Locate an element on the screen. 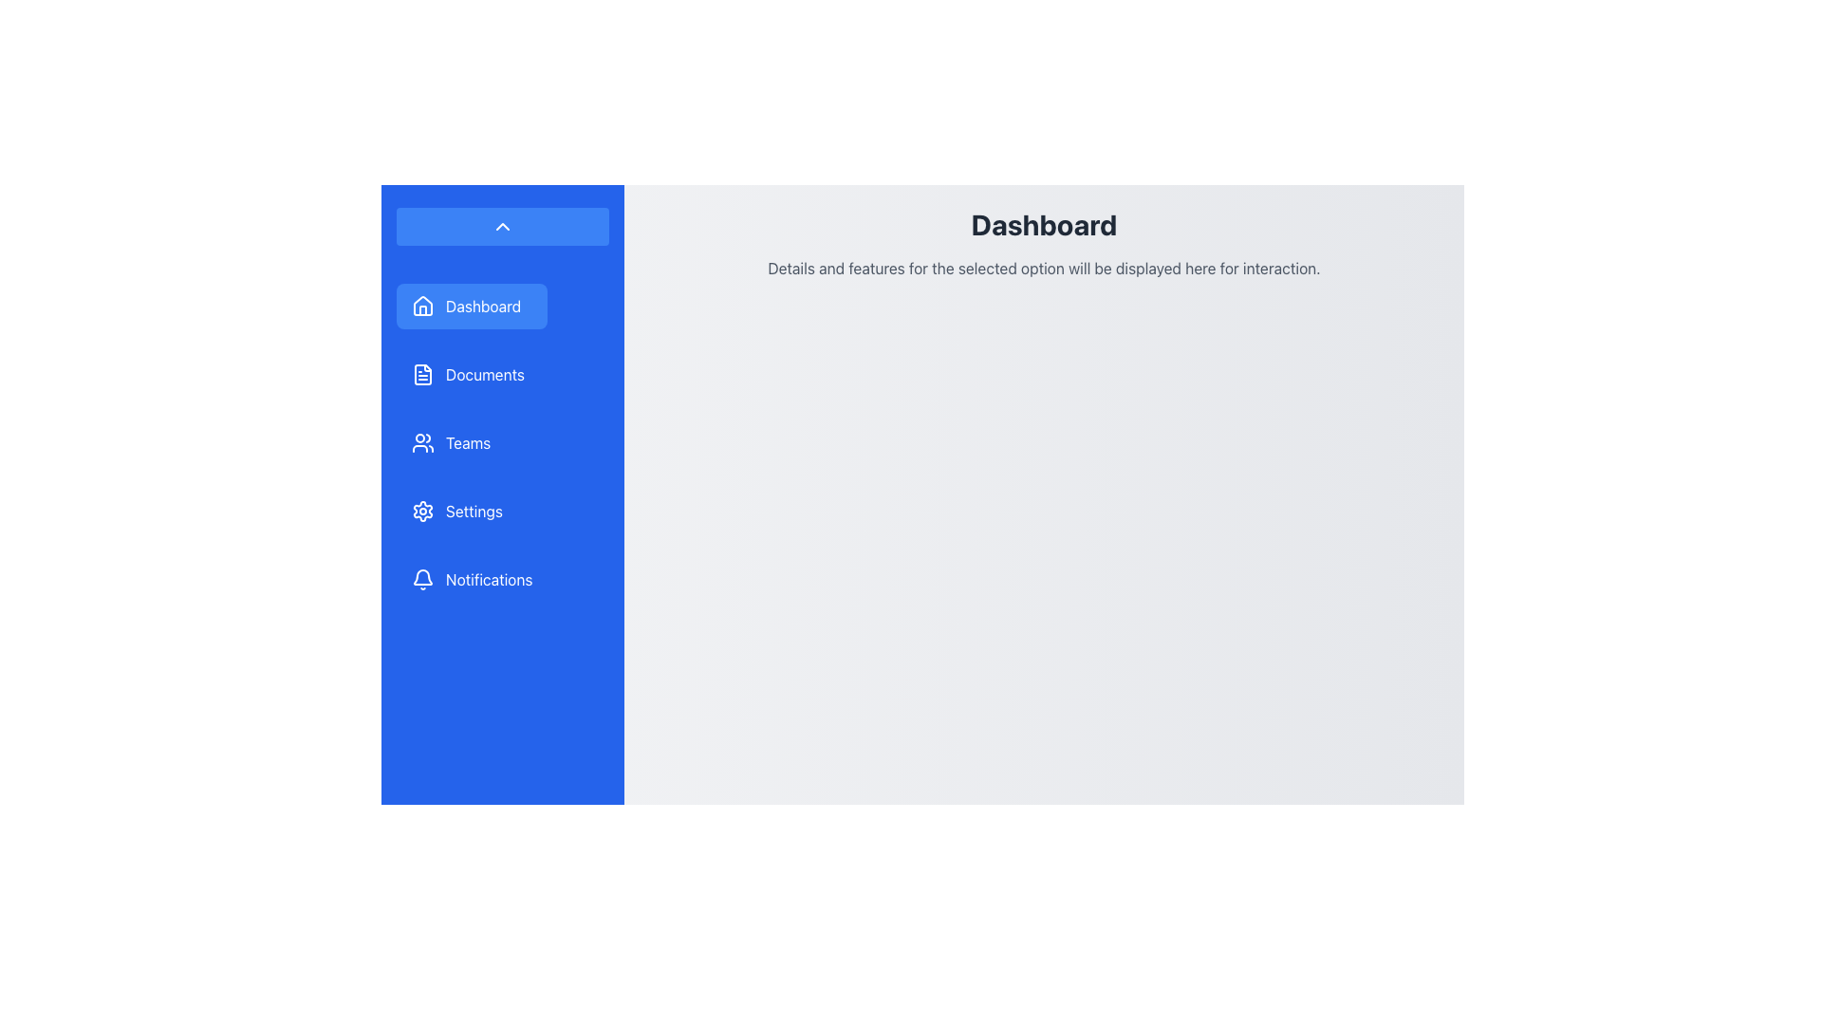 This screenshot has height=1025, width=1822. the gear icon located to the left of the 'Settings' text in the navigation menu by moving the cursor to it is located at coordinates (422, 511).